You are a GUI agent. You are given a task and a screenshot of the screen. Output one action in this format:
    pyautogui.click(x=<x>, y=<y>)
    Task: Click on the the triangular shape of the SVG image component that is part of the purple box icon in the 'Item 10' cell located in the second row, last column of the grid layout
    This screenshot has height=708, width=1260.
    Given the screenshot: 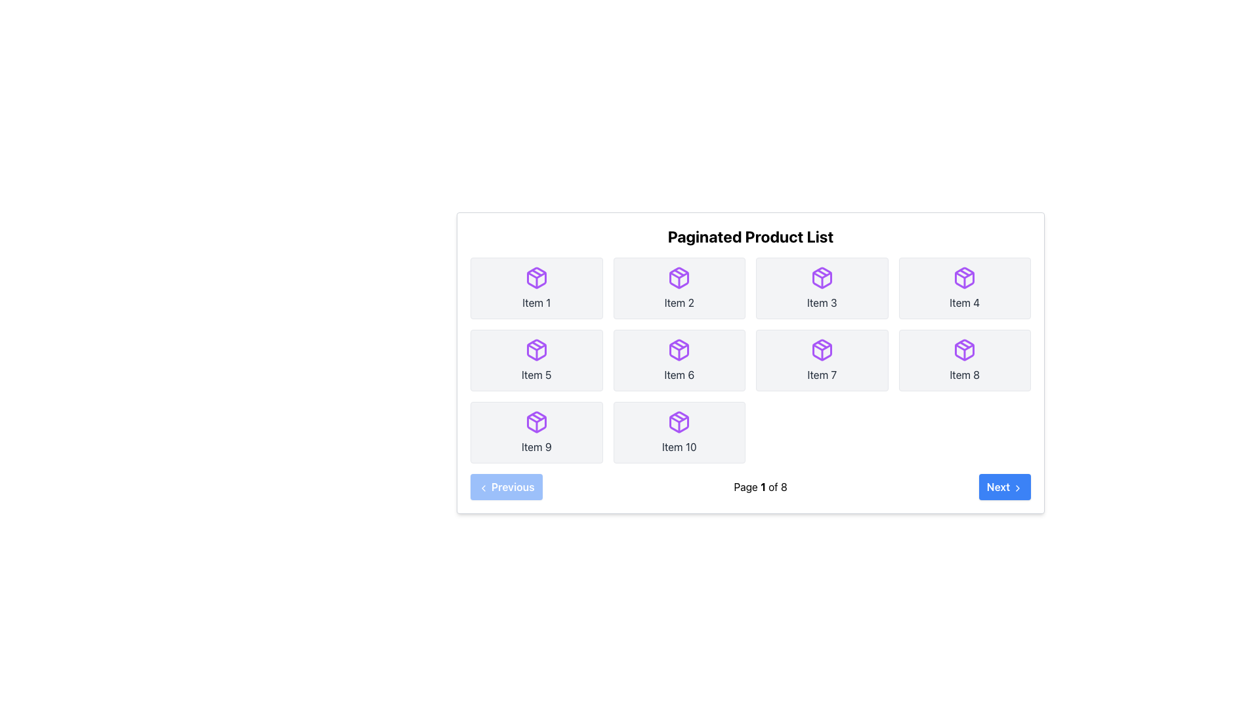 What is the action you would take?
    pyautogui.click(x=679, y=420)
    